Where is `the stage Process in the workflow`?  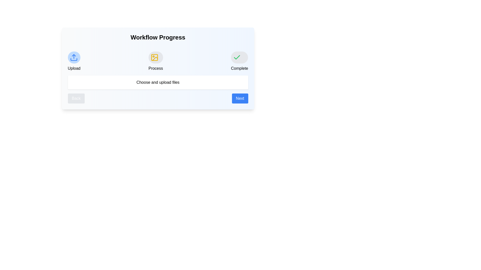 the stage Process in the workflow is located at coordinates (155, 57).